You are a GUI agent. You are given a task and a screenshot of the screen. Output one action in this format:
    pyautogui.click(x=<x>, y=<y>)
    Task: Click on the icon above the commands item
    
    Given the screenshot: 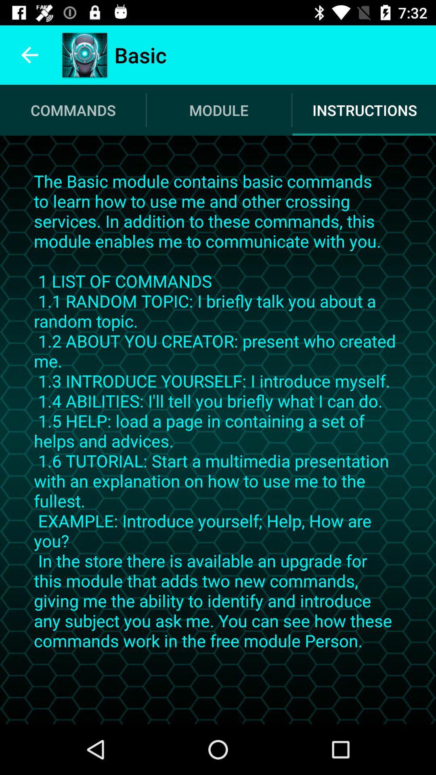 What is the action you would take?
    pyautogui.click(x=29, y=54)
    